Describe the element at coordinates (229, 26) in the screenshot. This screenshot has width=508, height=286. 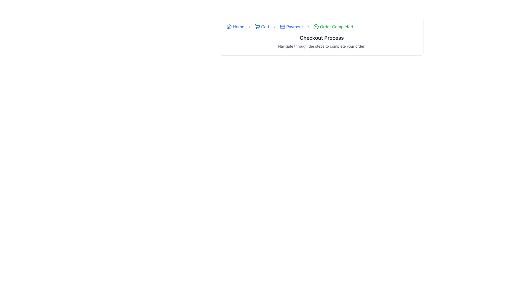
I see `the home icon in the breadcrumb navigation bar` at that location.